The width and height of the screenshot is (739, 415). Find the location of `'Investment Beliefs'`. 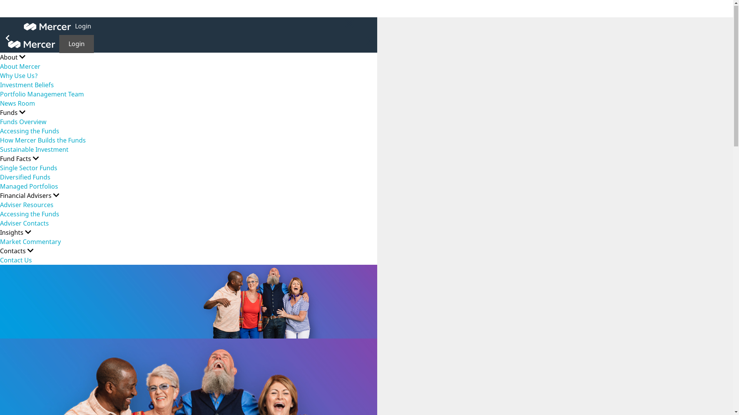

'Investment Beliefs' is located at coordinates (27, 85).